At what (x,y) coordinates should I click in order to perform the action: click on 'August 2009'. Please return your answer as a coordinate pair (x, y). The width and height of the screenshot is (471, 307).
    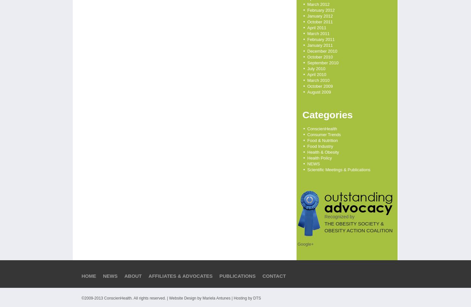
    Looking at the image, I should click on (319, 92).